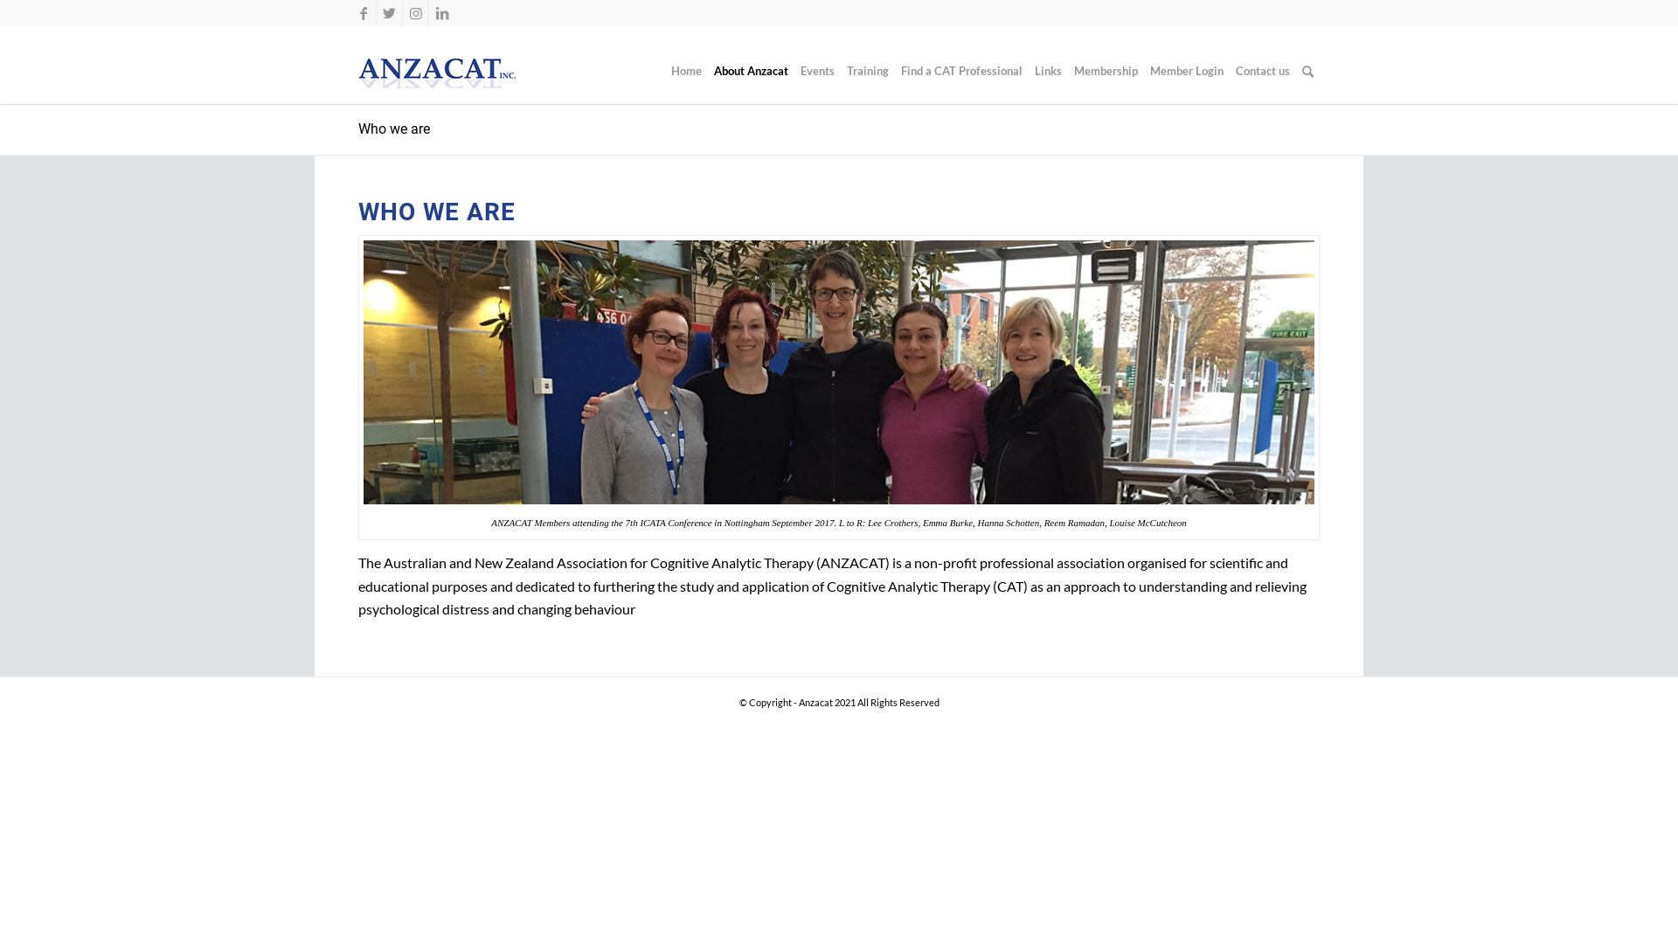  Describe the element at coordinates (868, 70) in the screenshot. I see `'Training'` at that location.